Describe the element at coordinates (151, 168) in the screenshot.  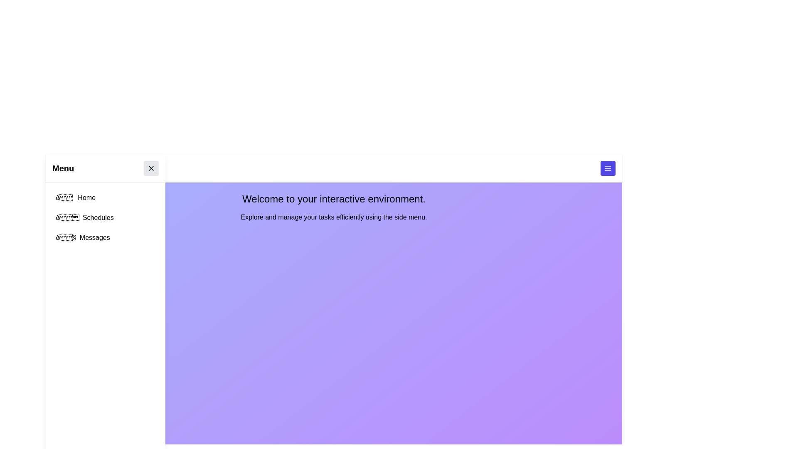
I see `the small, square button with rounded edges, which features a black 'X' icon, located at the top-right corner of the 'Menu' bar to observe its hover state` at that location.